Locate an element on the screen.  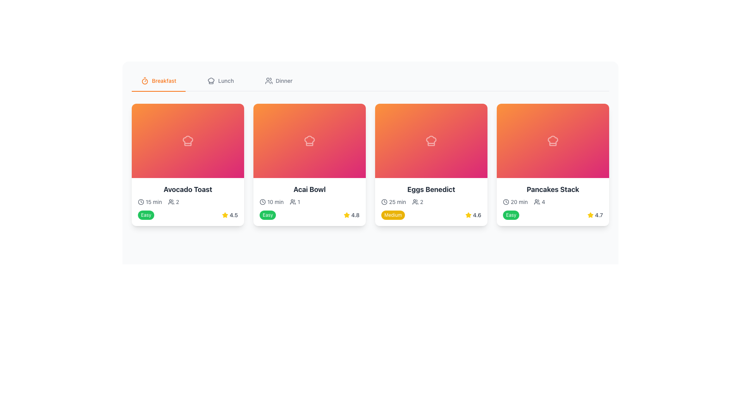
the rating value displayed for the 'Pancakes Stack' dish, located at the bottom-right corner of its card, which includes a numerical value and a star icon is located at coordinates (594, 215).